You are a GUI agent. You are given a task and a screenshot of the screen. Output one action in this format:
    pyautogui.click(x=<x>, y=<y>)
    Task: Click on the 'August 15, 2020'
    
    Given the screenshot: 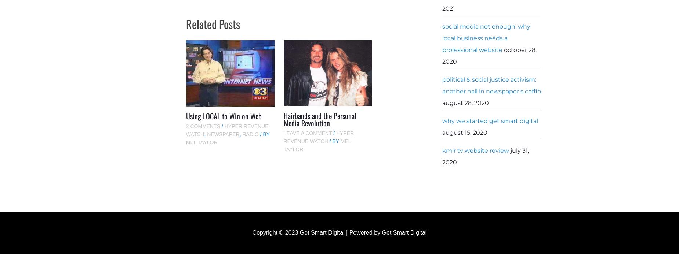 What is the action you would take?
    pyautogui.click(x=464, y=132)
    